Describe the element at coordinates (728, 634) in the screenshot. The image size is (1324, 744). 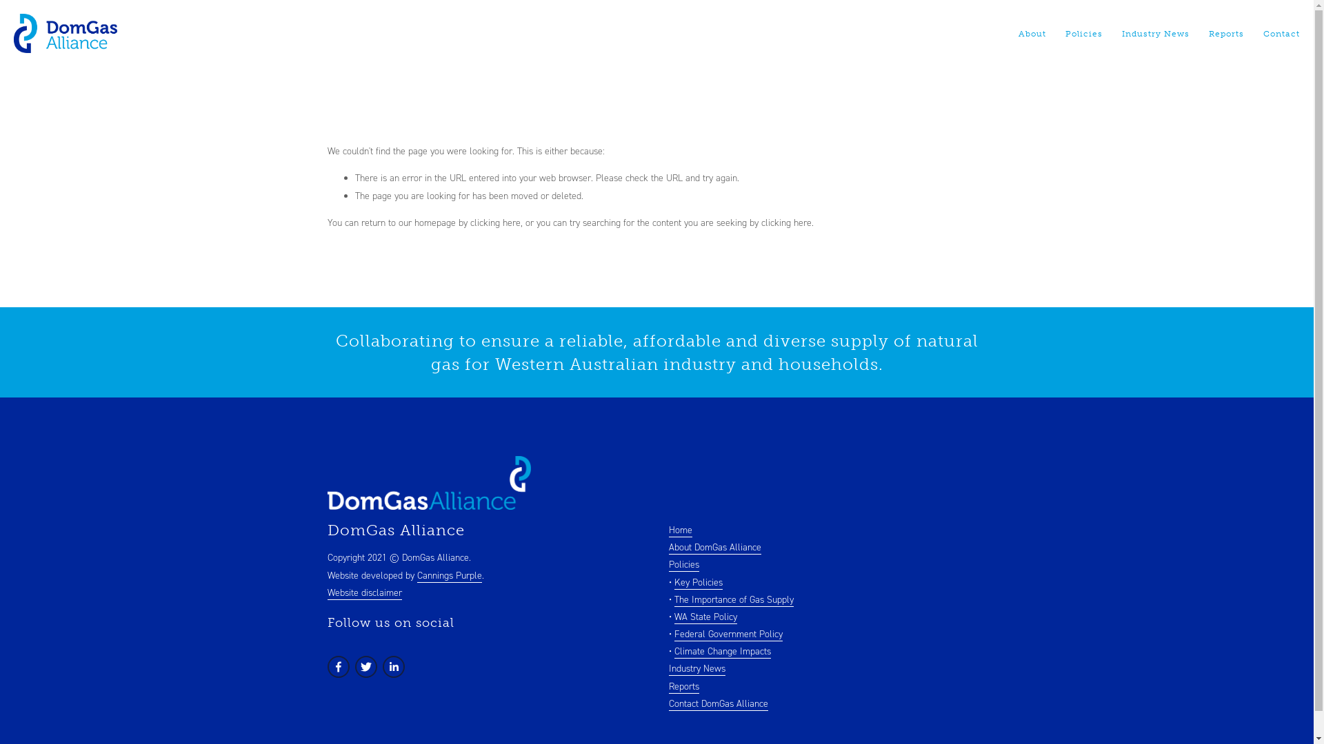
I see `'Federal Government Policy'` at that location.